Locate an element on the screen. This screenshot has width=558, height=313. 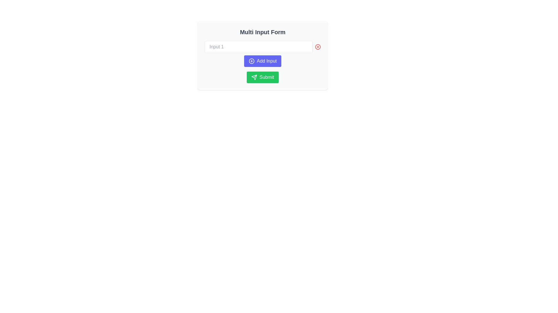
the 'Submit' button which contains a triangular icon resembling an arrow, located below the 'Add Input' button in the central form section is located at coordinates (254, 77).